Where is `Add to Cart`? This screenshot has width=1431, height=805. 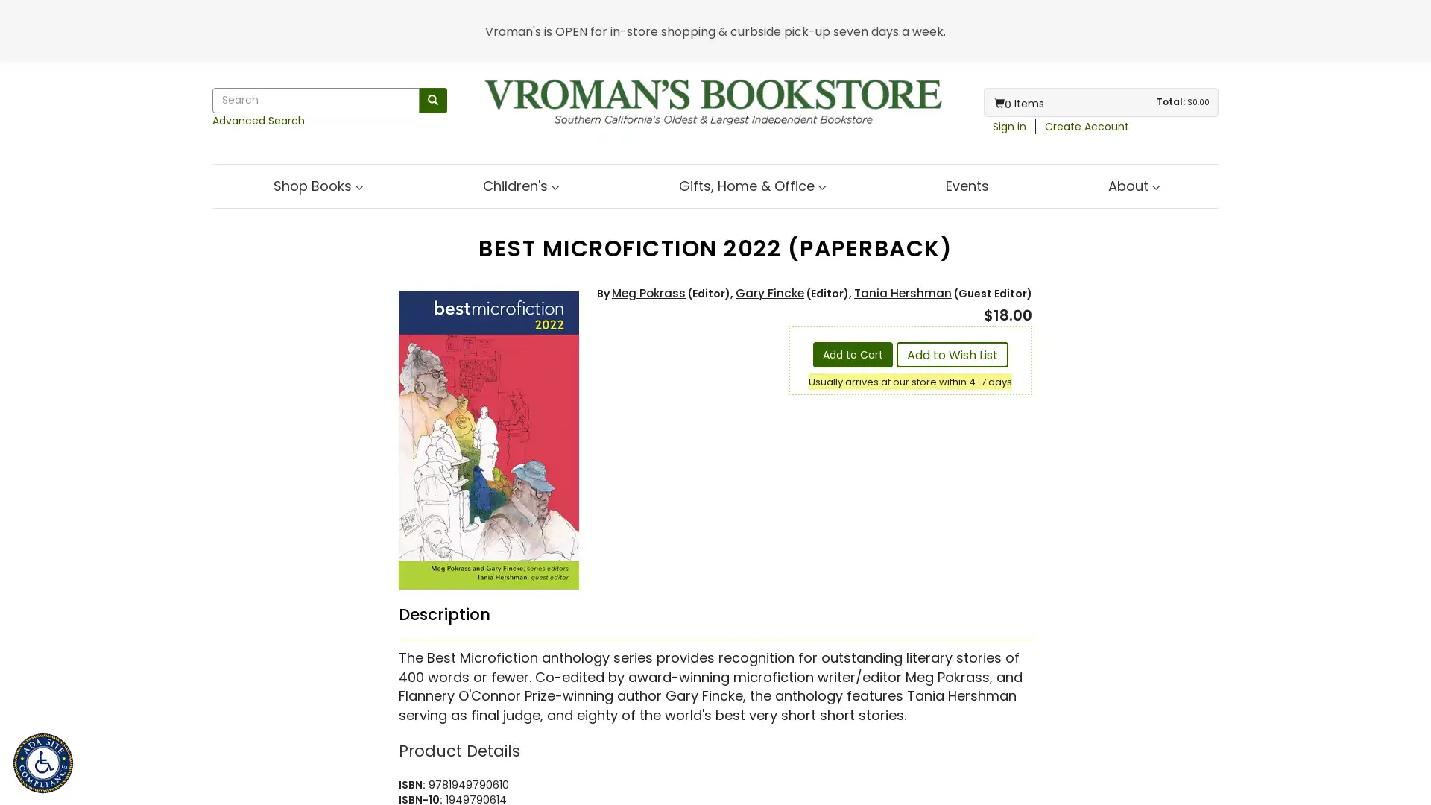 Add to Cart is located at coordinates (852, 354).